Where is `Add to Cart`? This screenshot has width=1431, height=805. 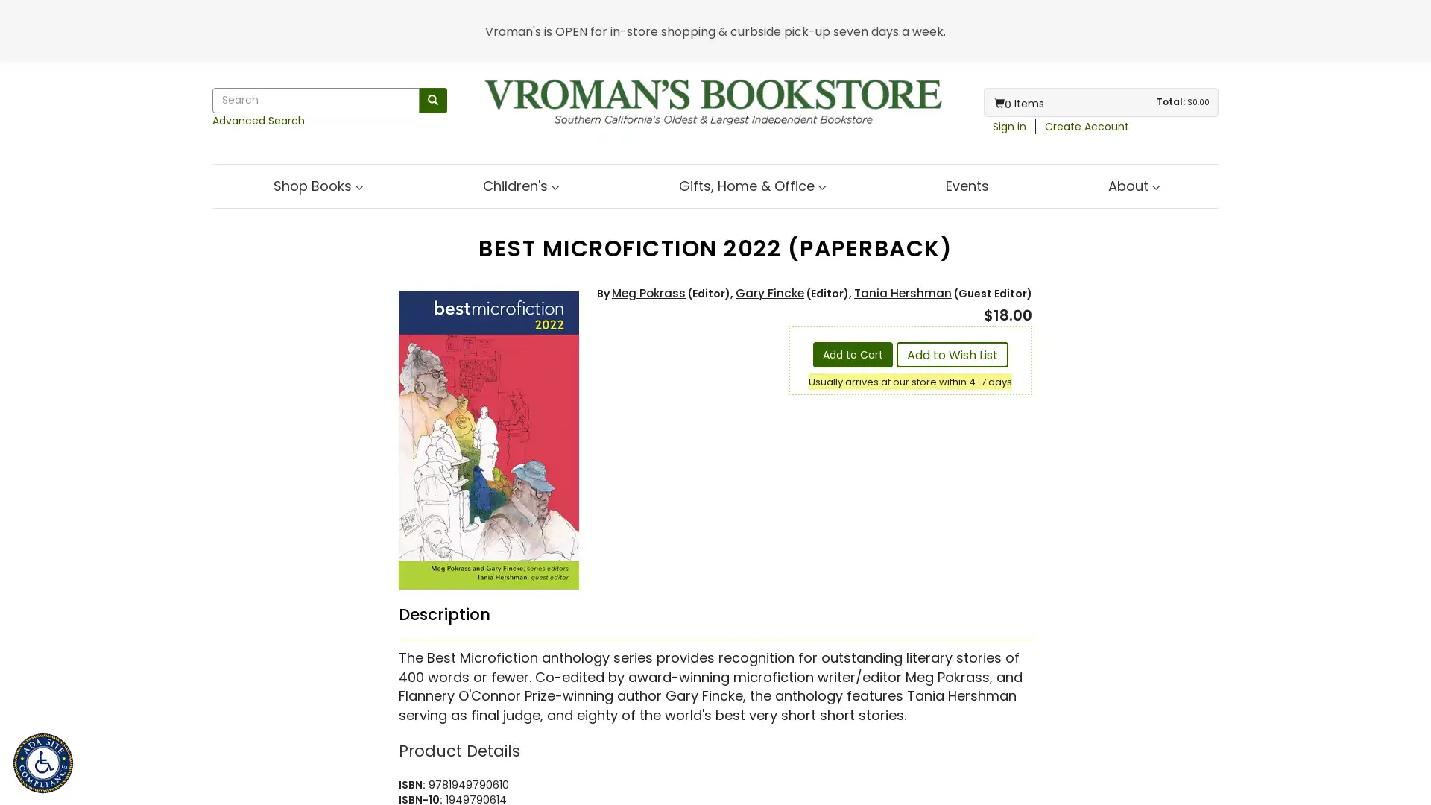 Add to Cart is located at coordinates (852, 354).